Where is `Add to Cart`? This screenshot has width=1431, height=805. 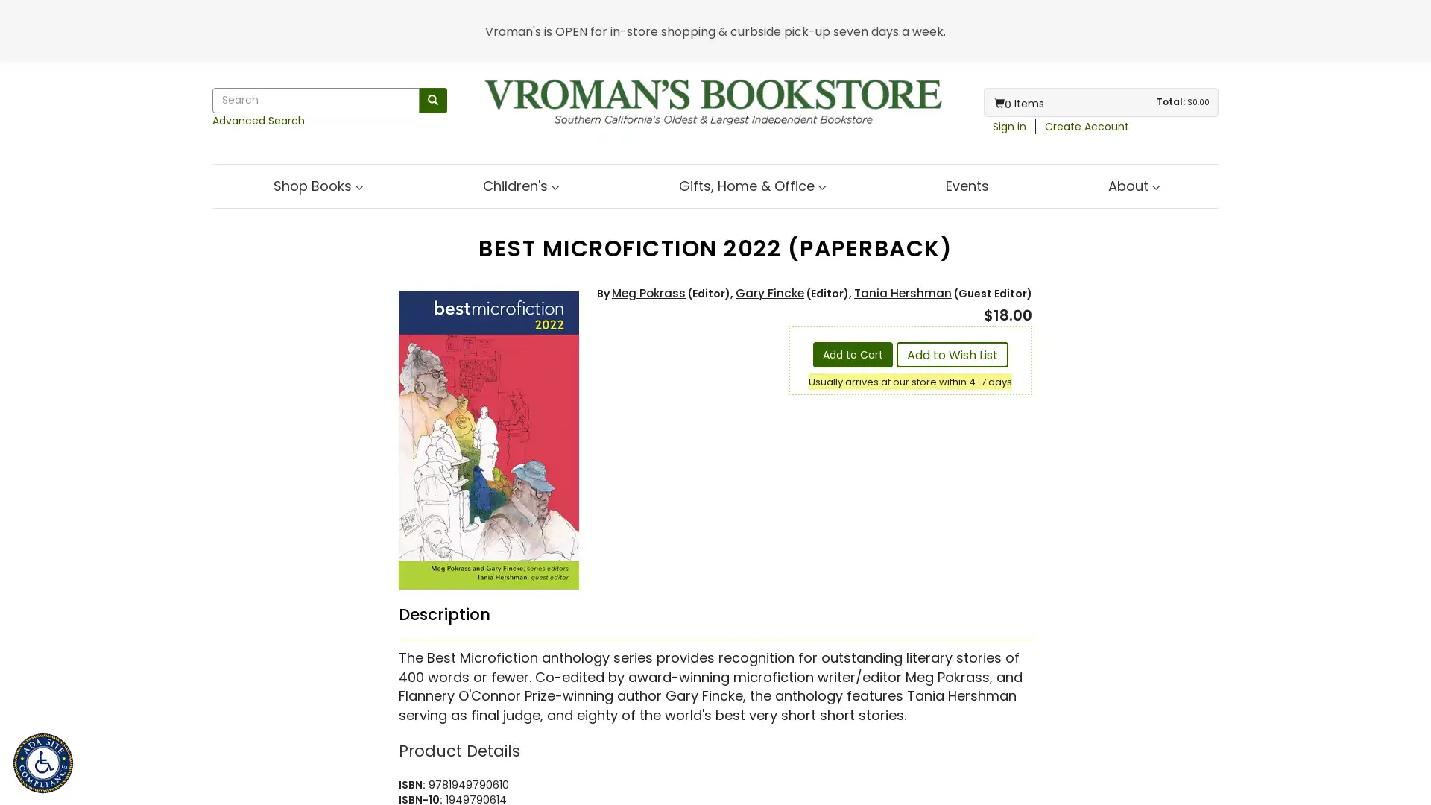 Add to Cart is located at coordinates (852, 354).